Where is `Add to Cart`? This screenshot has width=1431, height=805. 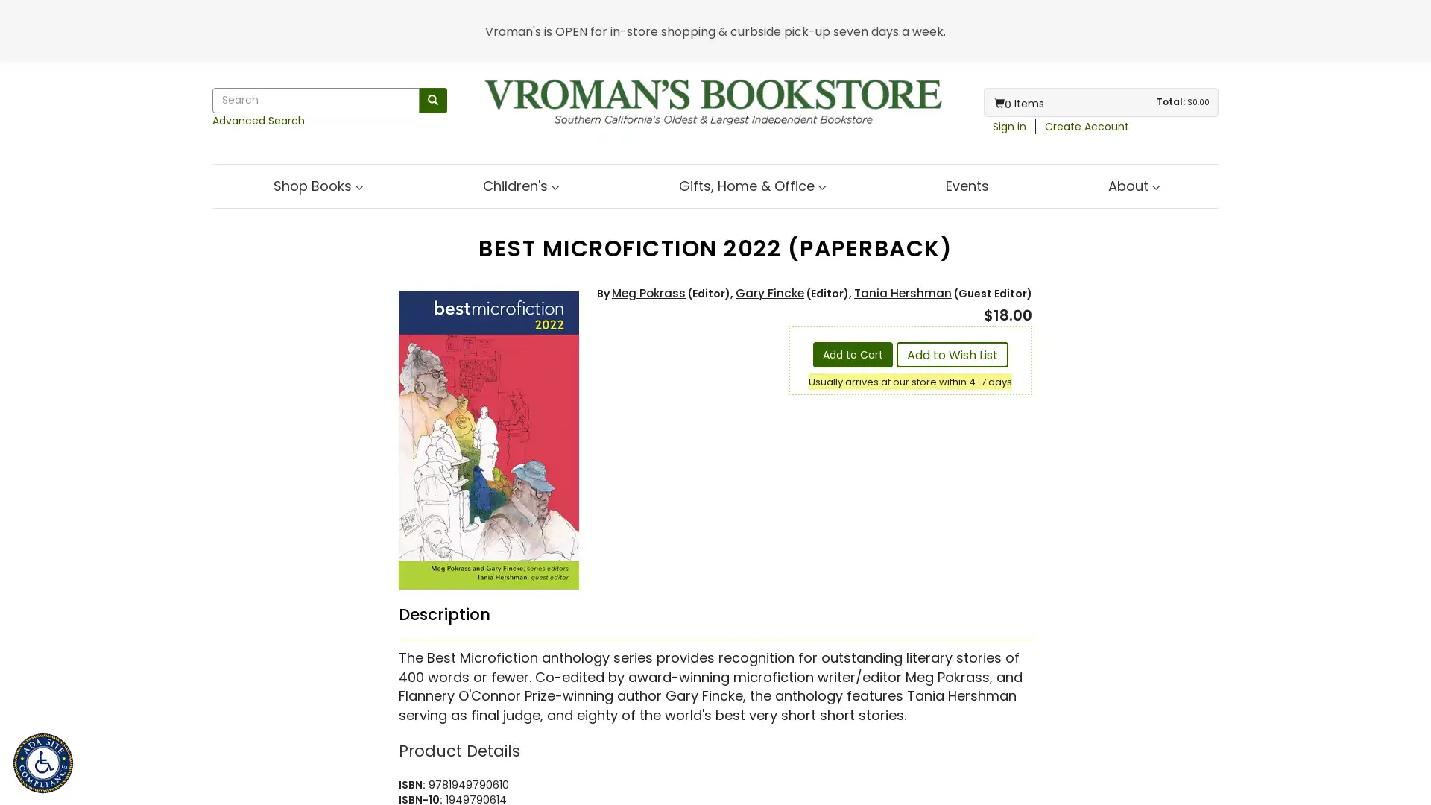 Add to Cart is located at coordinates (852, 354).